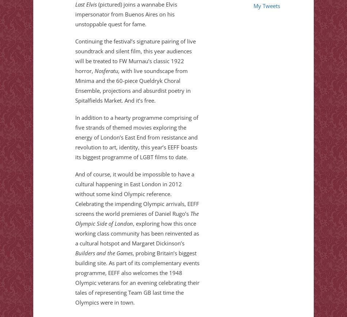  I want to click on 'In addition to a hearty programme comprising of five strands of themed movies exploring the energy of London’s East End from resistance and revolution to art, identity, this year’s EEFF boasts its biggest programme of LGBT films to date.', so click(136, 137).